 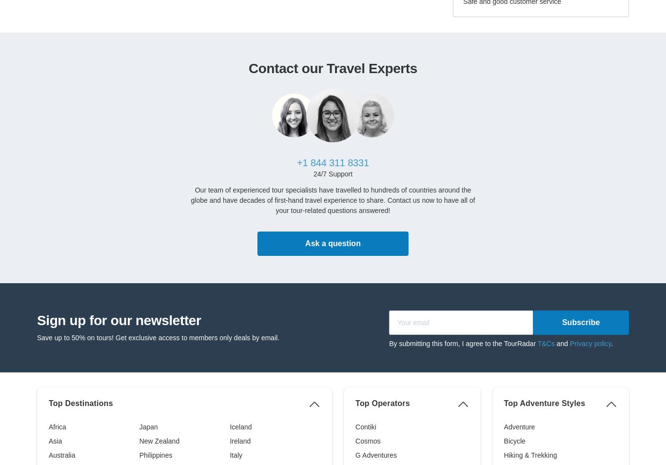 I want to click on 'G Adventures', so click(x=375, y=455).